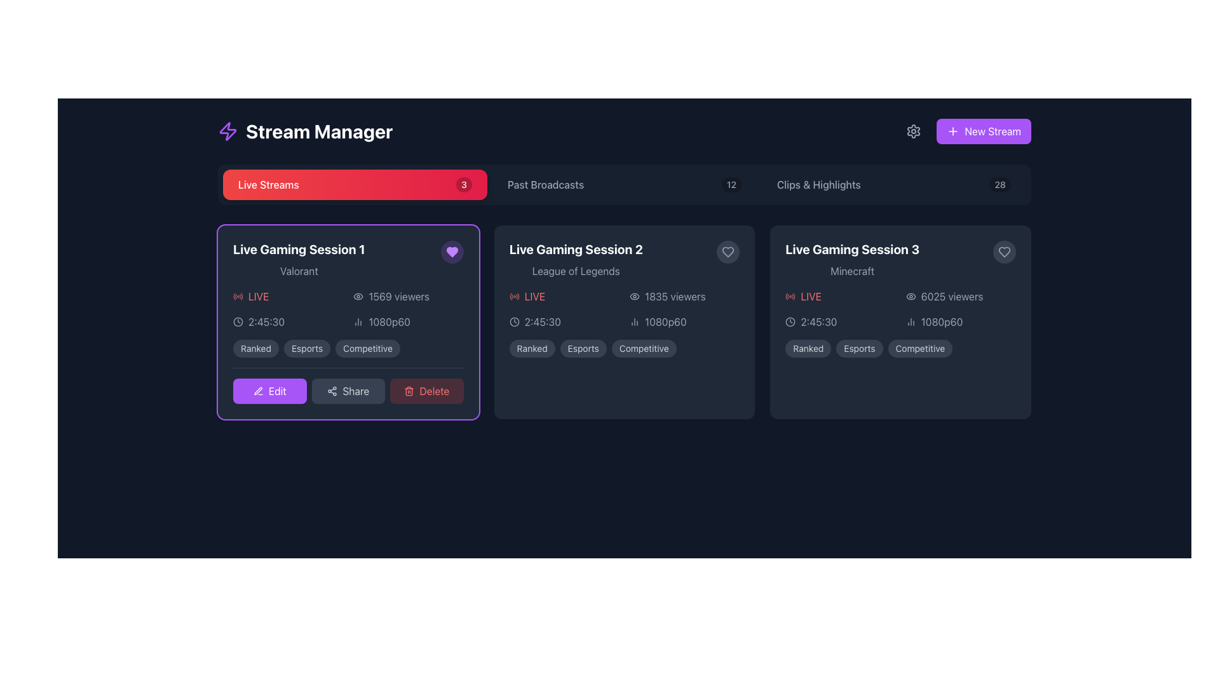  What do you see at coordinates (790, 296) in the screenshot?
I see `the Indication icon representing a live broadcast, which is located on the left-hand side of the 'LIVE' label` at bounding box center [790, 296].